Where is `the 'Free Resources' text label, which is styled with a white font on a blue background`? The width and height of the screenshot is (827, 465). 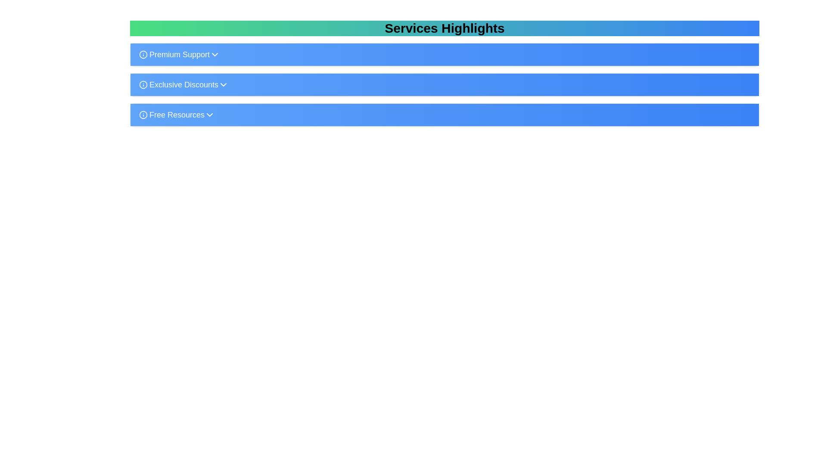 the 'Free Resources' text label, which is styled with a white font on a blue background is located at coordinates (177, 114).